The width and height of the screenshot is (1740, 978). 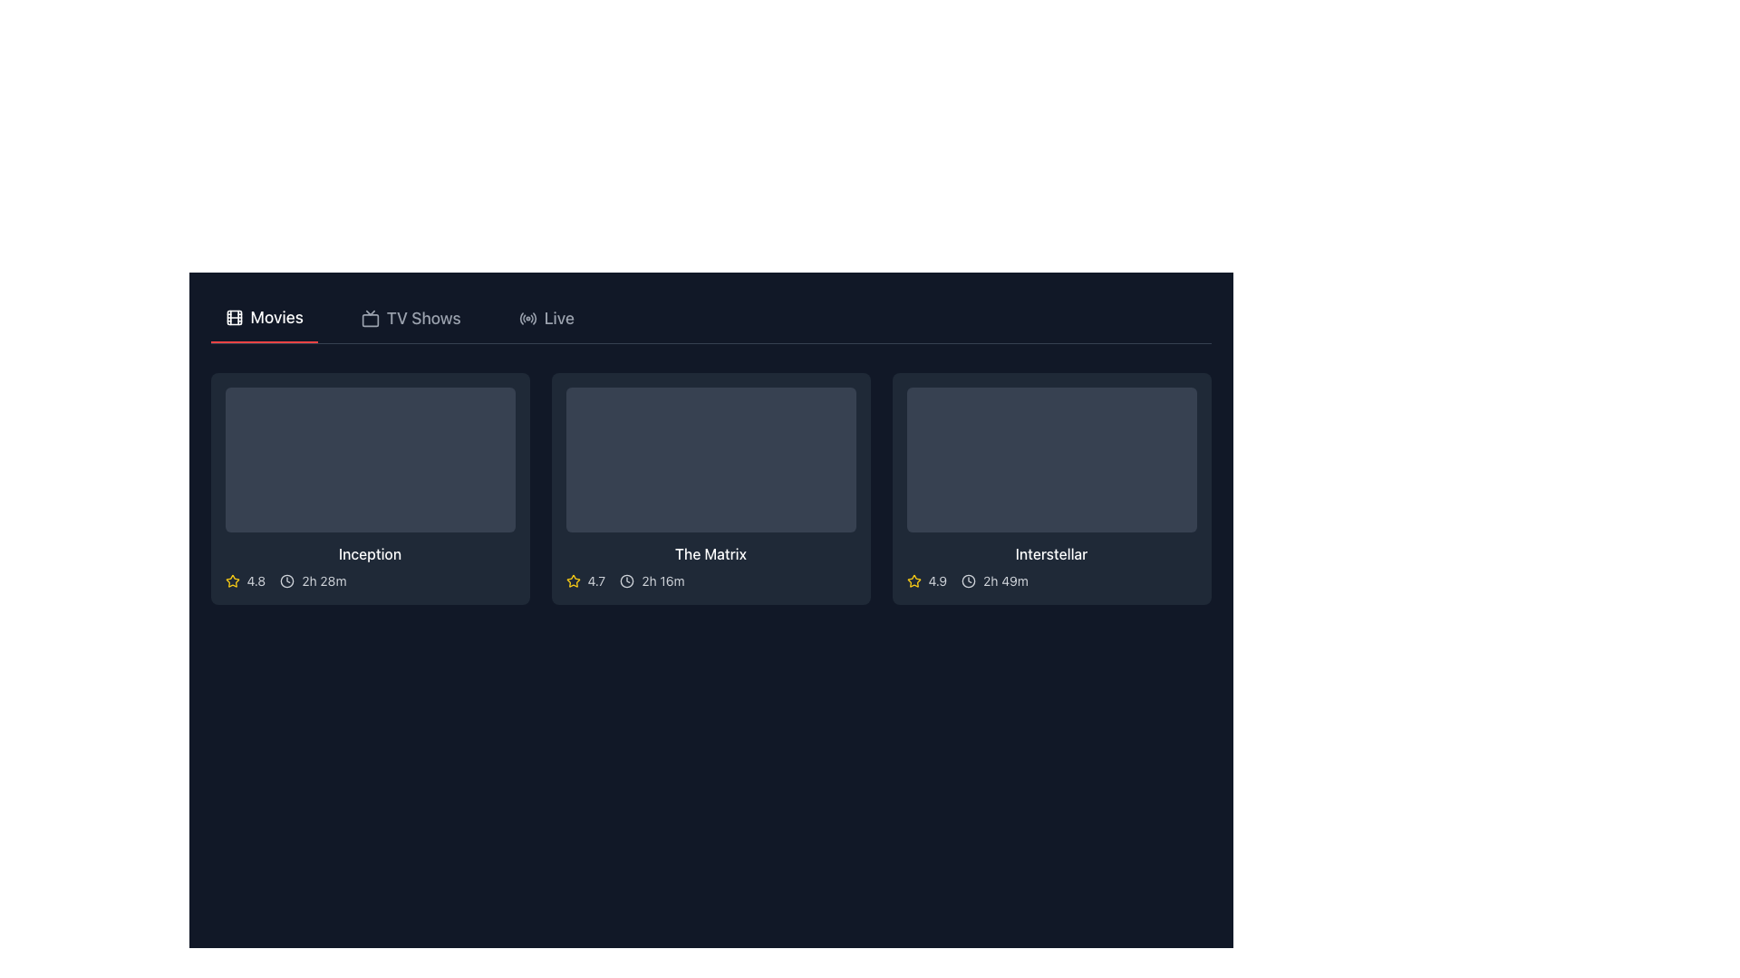 What do you see at coordinates (410, 317) in the screenshot?
I see `the navigation button for TV Shows located in the horizontal navigation bar between the 'Movies' and 'Live' buttons to redirect to the TV content section` at bounding box center [410, 317].